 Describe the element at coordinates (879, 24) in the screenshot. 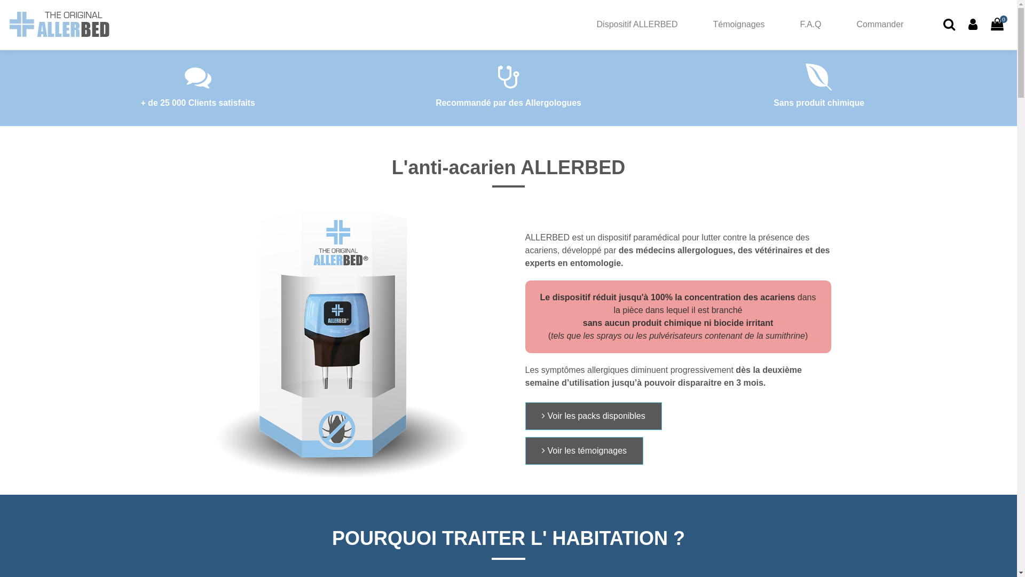

I see `'Commander'` at that location.